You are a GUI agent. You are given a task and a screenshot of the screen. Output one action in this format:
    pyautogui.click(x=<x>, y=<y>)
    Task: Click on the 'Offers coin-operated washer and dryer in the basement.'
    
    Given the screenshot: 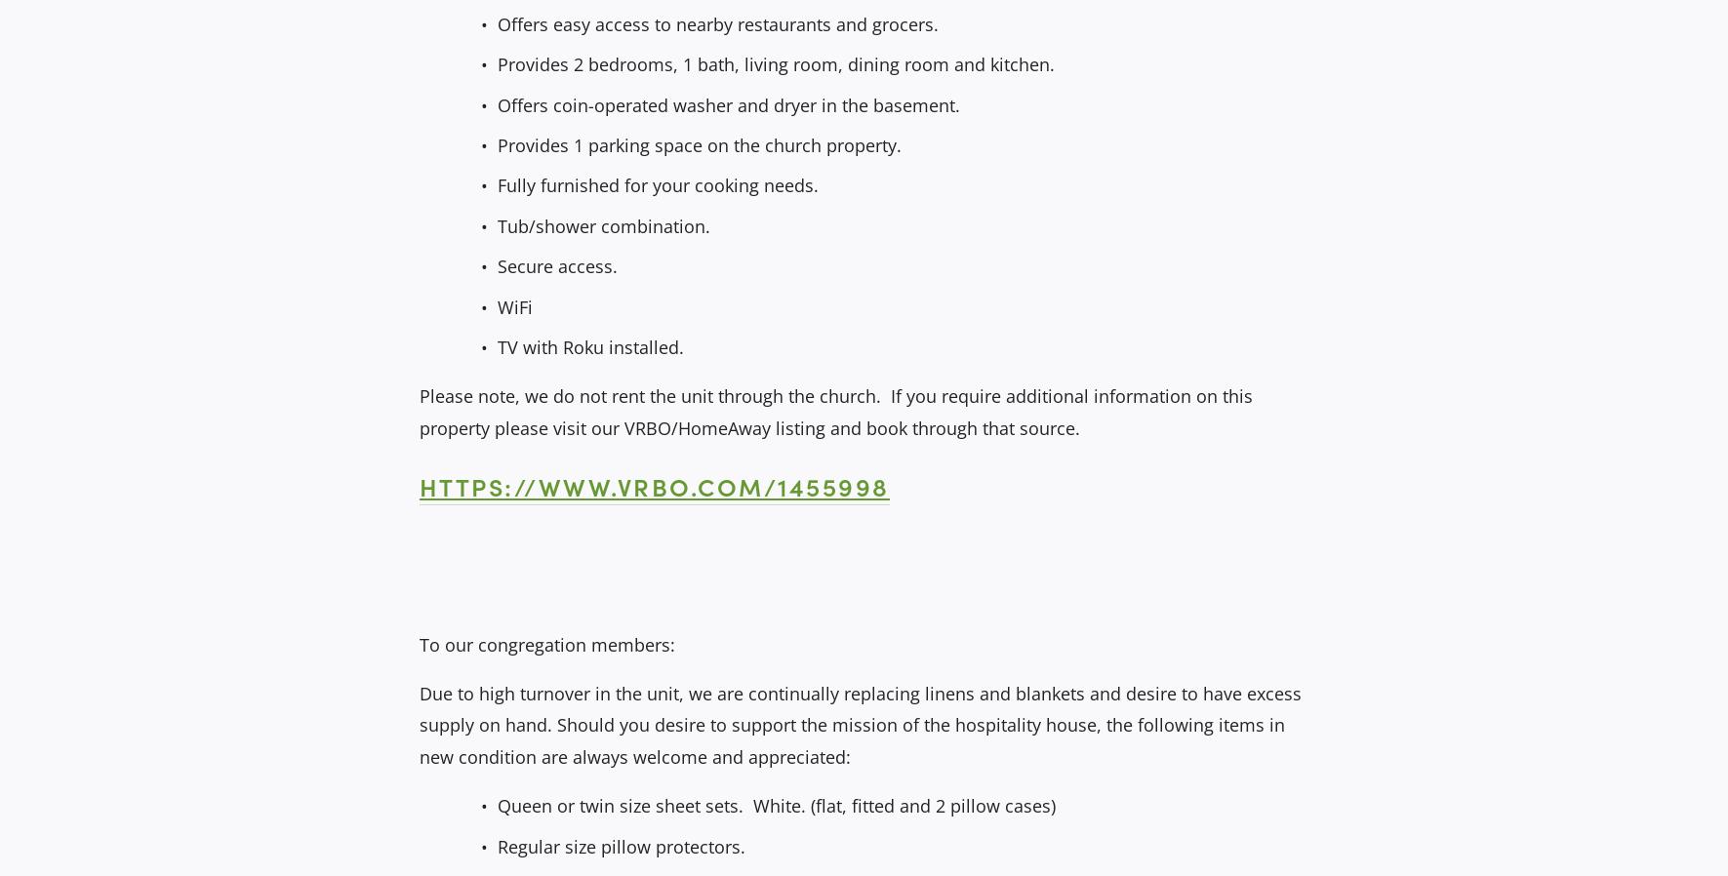 What is the action you would take?
    pyautogui.click(x=495, y=103)
    